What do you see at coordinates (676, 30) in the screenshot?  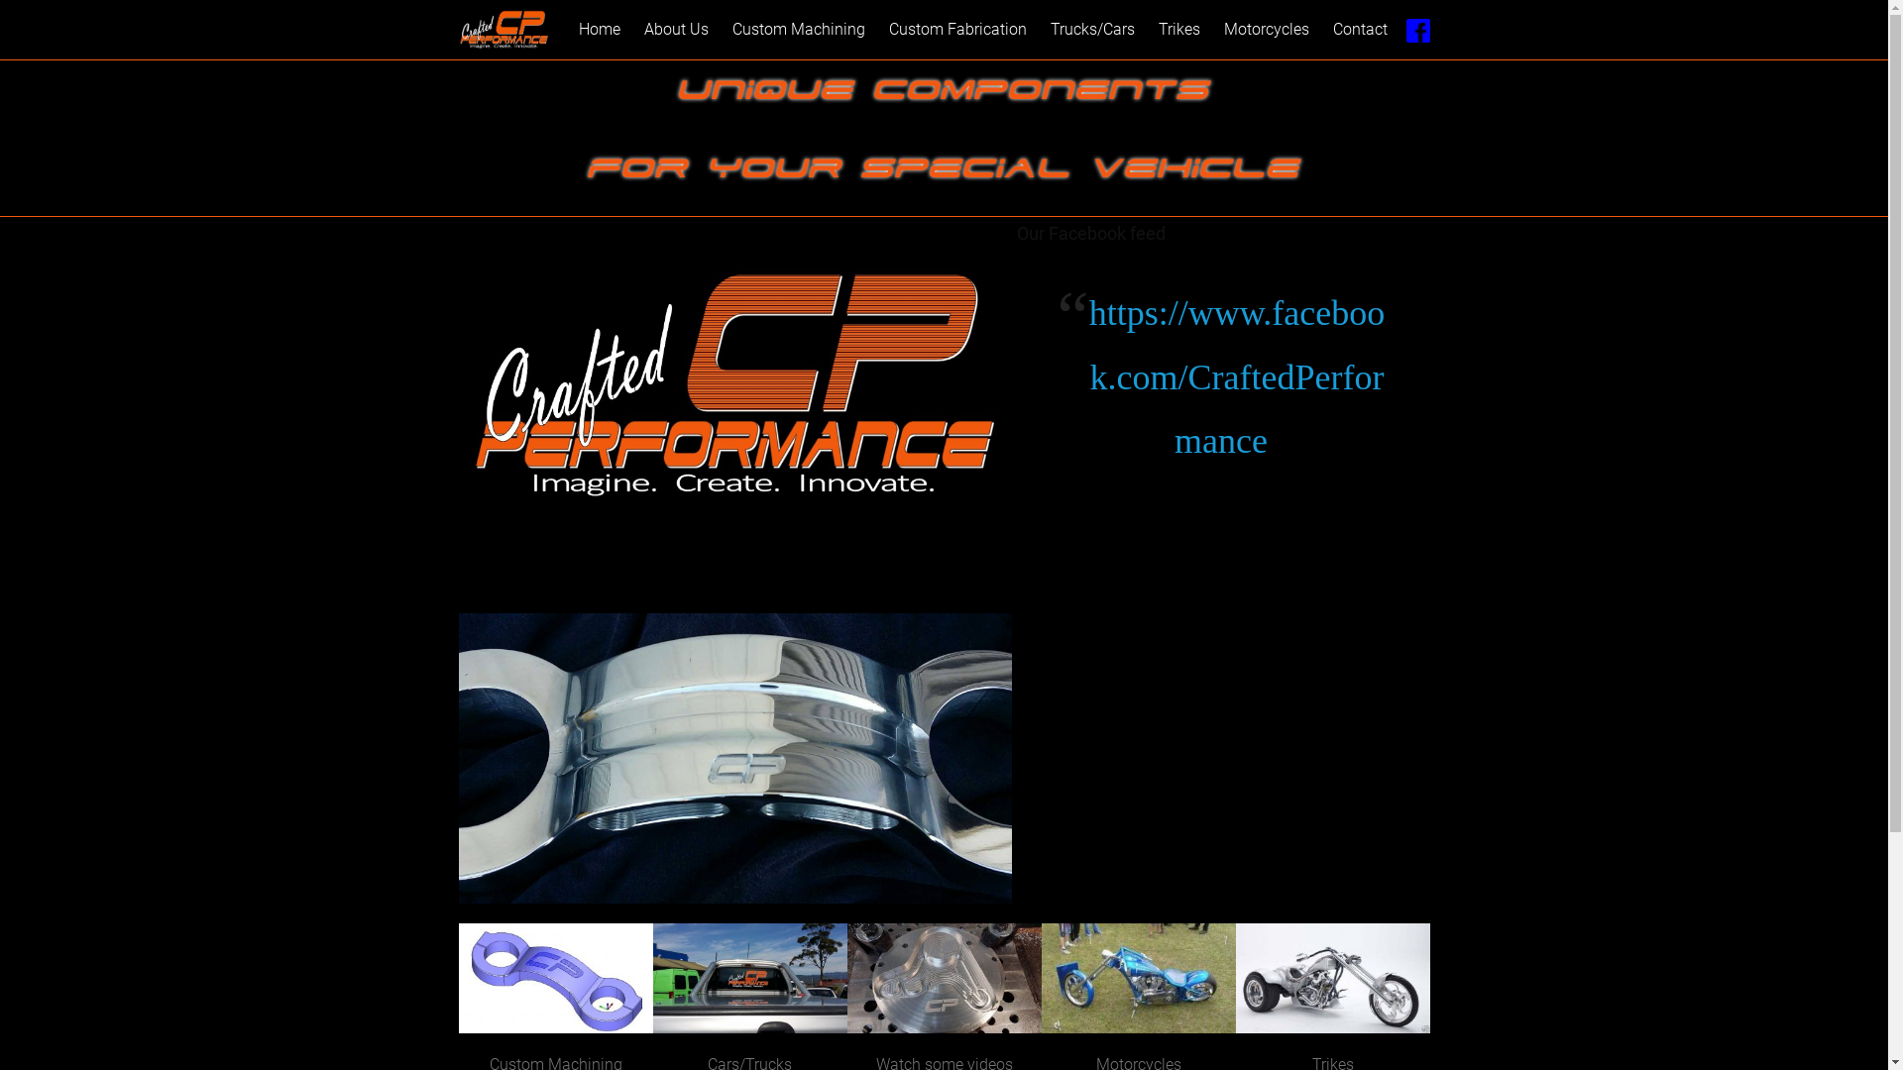 I see `'About Us'` at bounding box center [676, 30].